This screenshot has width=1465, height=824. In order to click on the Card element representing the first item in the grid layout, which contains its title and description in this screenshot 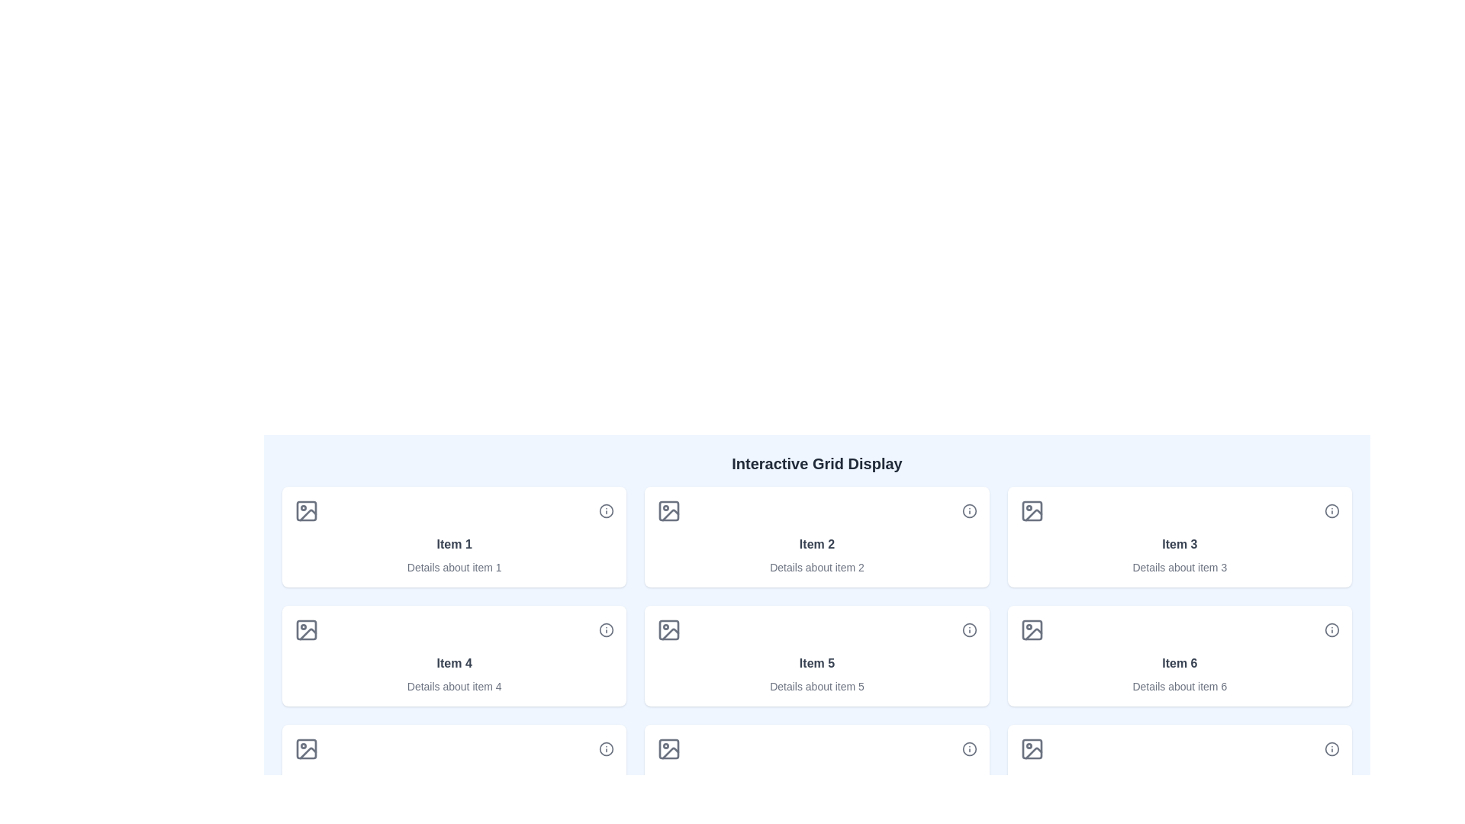, I will do `click(453, 536)`.